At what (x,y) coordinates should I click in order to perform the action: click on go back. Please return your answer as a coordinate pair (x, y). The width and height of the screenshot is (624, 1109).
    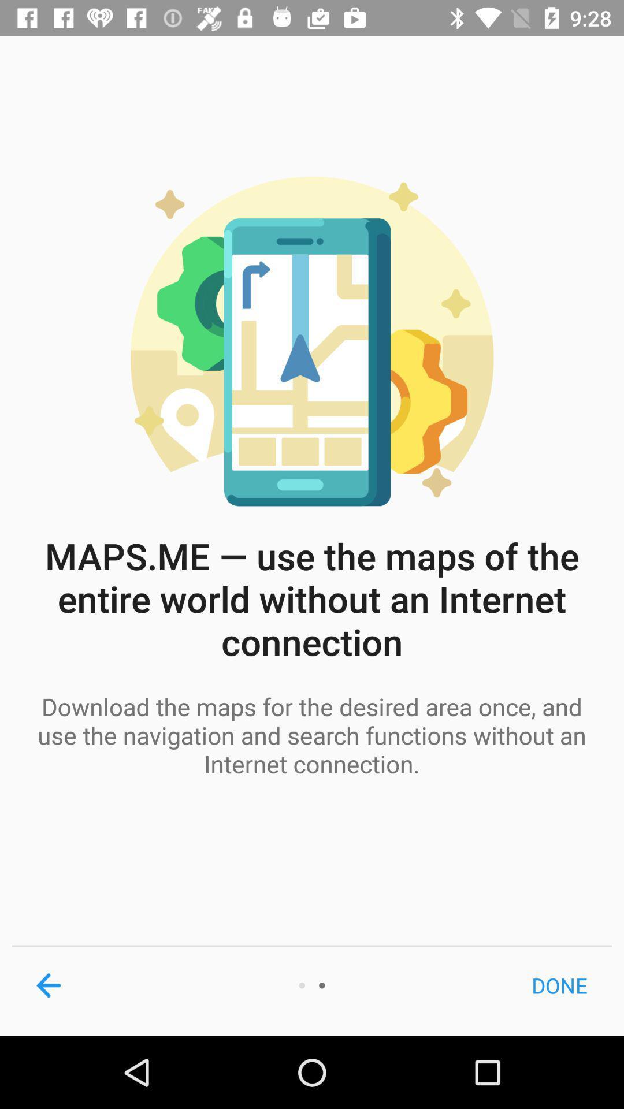
    Looking at the image, I should click on (48, 985).